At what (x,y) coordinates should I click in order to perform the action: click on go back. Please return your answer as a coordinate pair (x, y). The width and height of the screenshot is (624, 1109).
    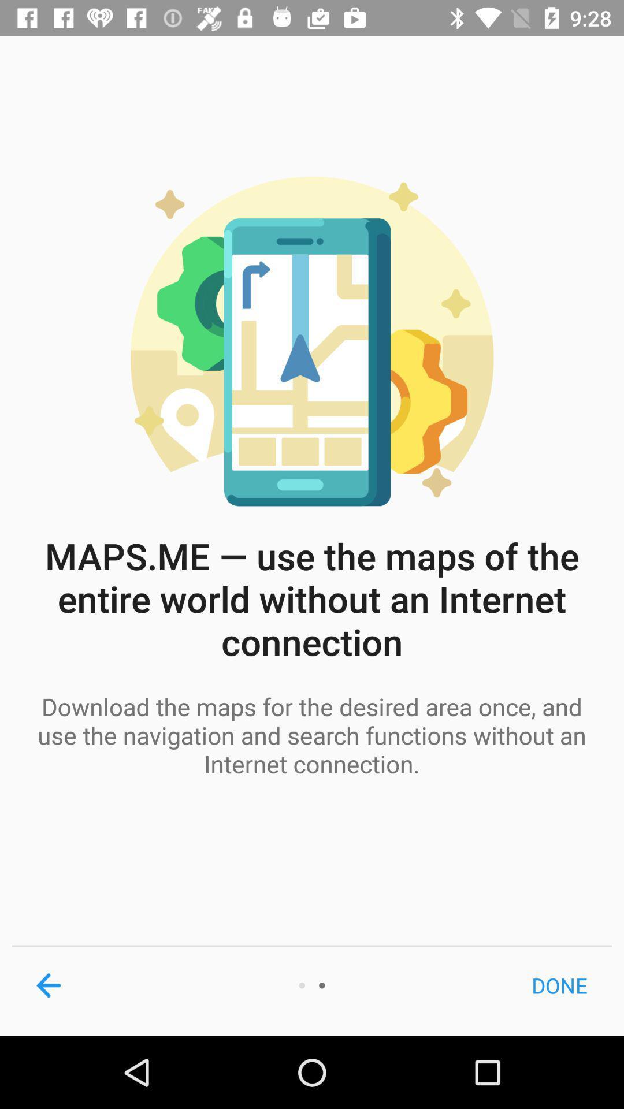
    Looking at the image, I should click on (48, 985).